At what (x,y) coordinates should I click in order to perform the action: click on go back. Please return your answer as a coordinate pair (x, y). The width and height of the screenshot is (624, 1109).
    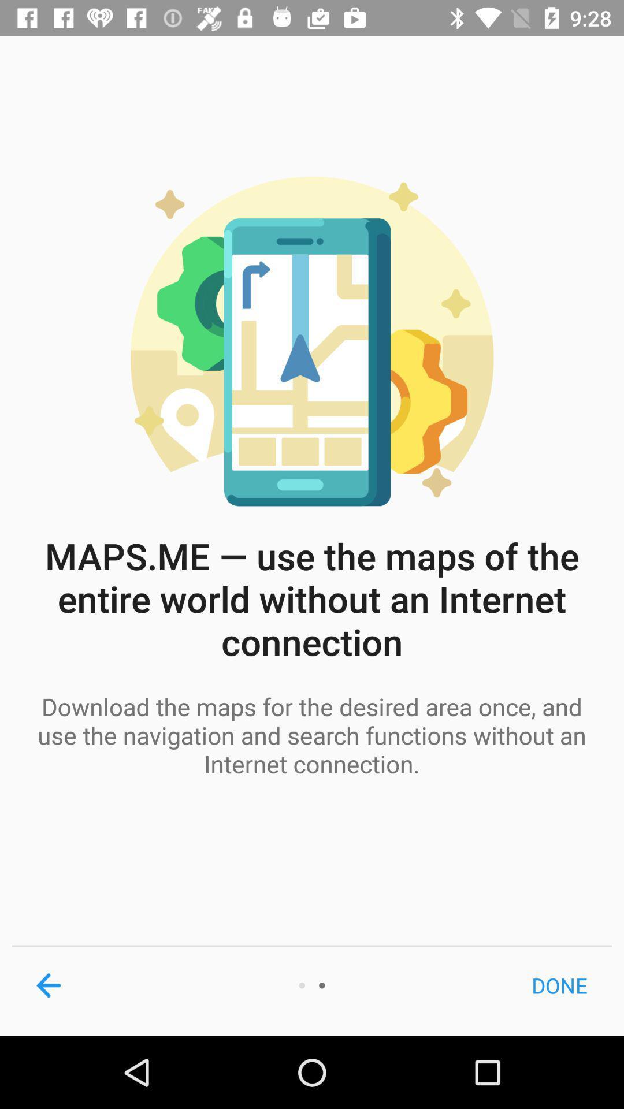
    Looking at the image, I should click on (48, 985).